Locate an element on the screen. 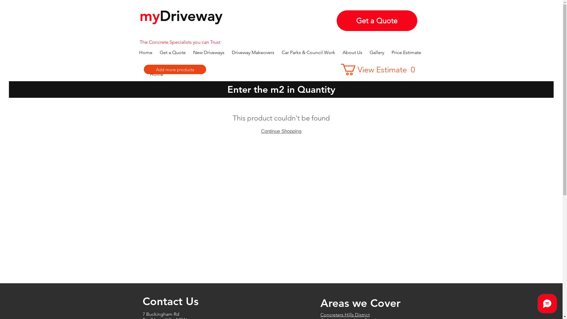  'Price Estimate' is located at coordinates (407, 52).